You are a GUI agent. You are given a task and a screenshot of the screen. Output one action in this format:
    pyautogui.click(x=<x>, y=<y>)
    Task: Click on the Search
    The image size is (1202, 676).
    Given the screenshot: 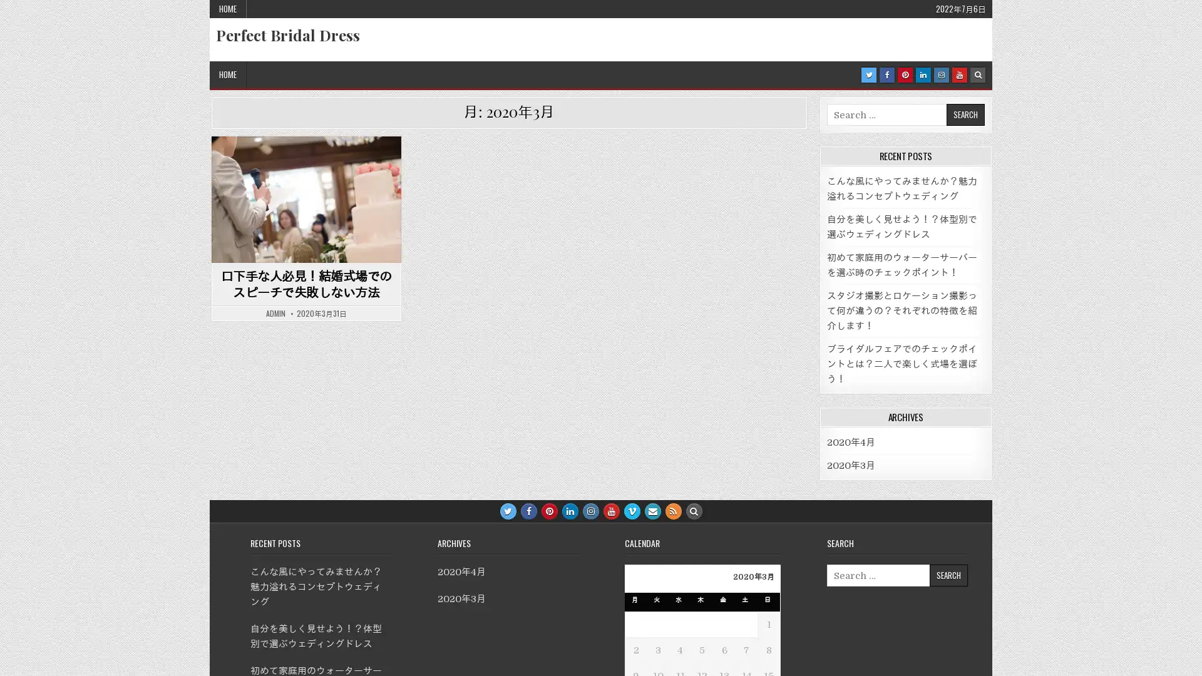 What is the action you would take?
    pyautogui.click(x=948, y=575)
    